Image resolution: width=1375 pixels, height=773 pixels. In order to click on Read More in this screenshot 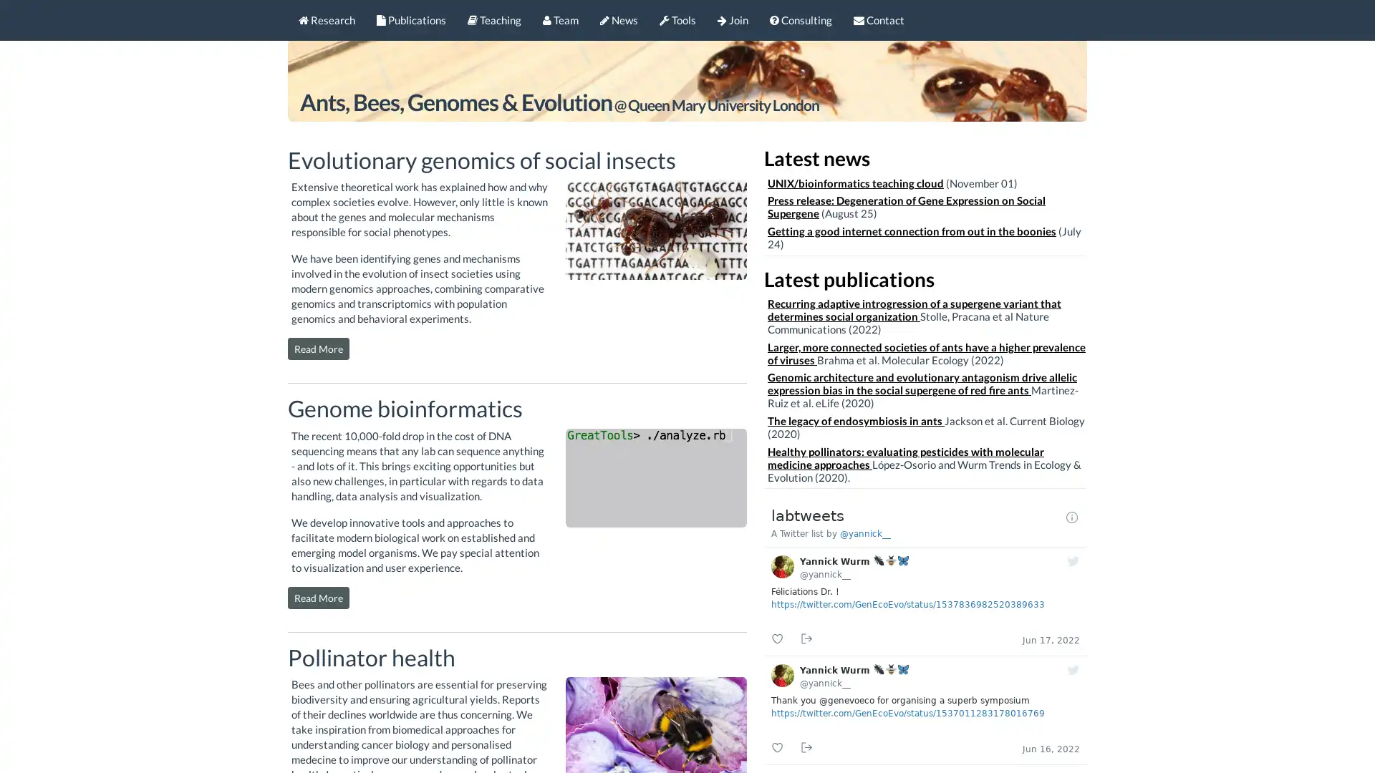, I will do `click(318, 597)`.